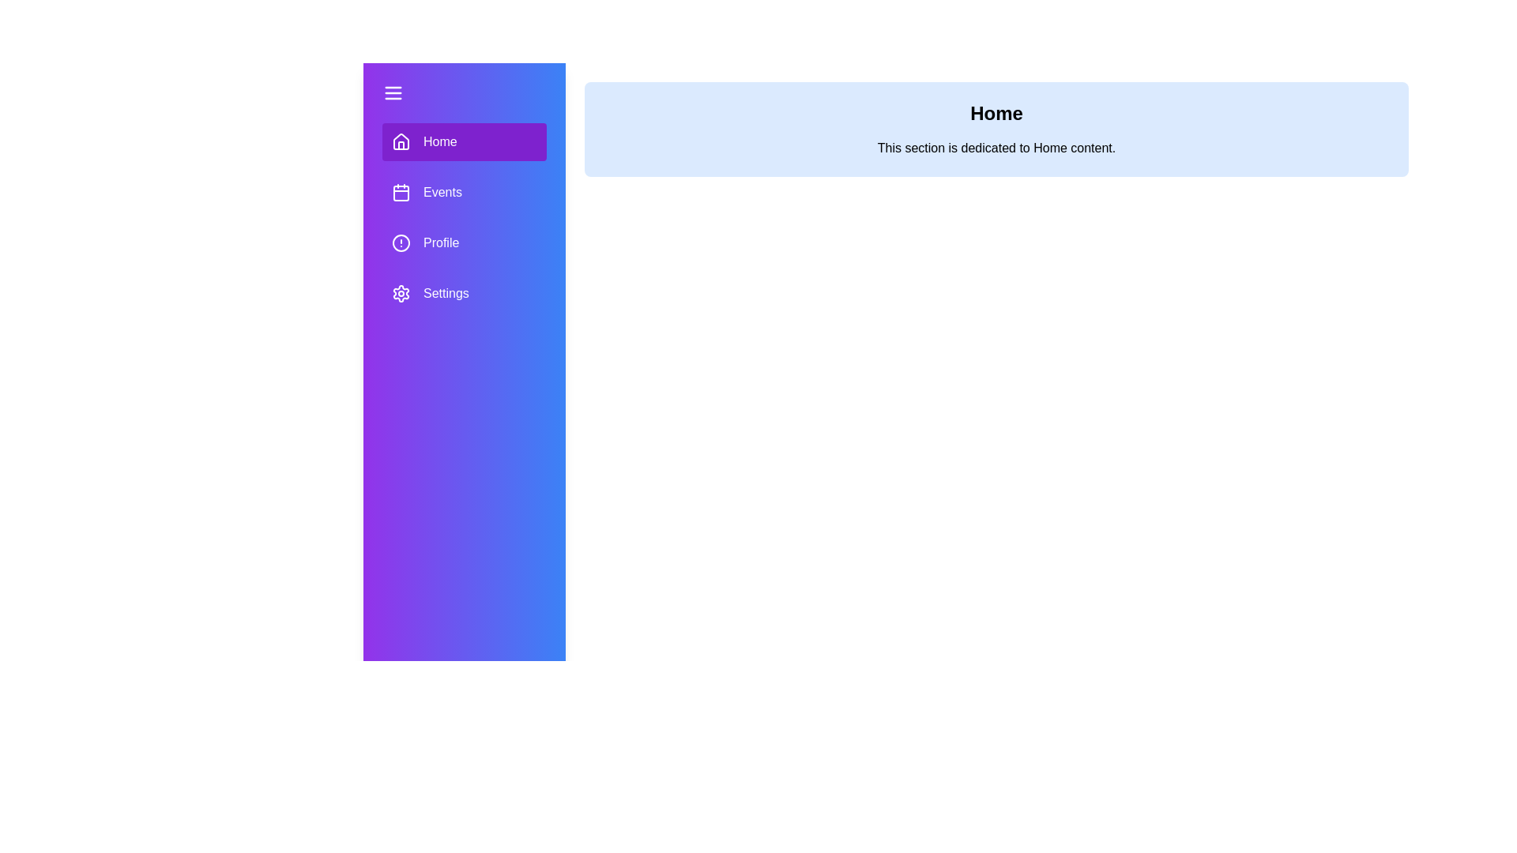 This screenshot has height=853, width=1517. I want to click on the text label that serves as the header for the section, located at the top center of the light blue section which introduces the content of the section, so click(996, 112).